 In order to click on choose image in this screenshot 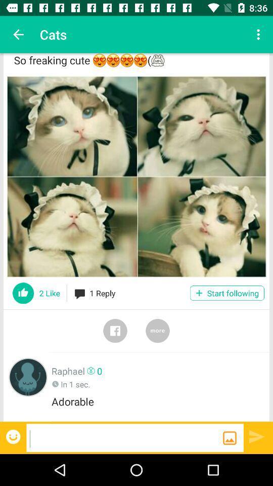, I will do `click(136, 177)`.